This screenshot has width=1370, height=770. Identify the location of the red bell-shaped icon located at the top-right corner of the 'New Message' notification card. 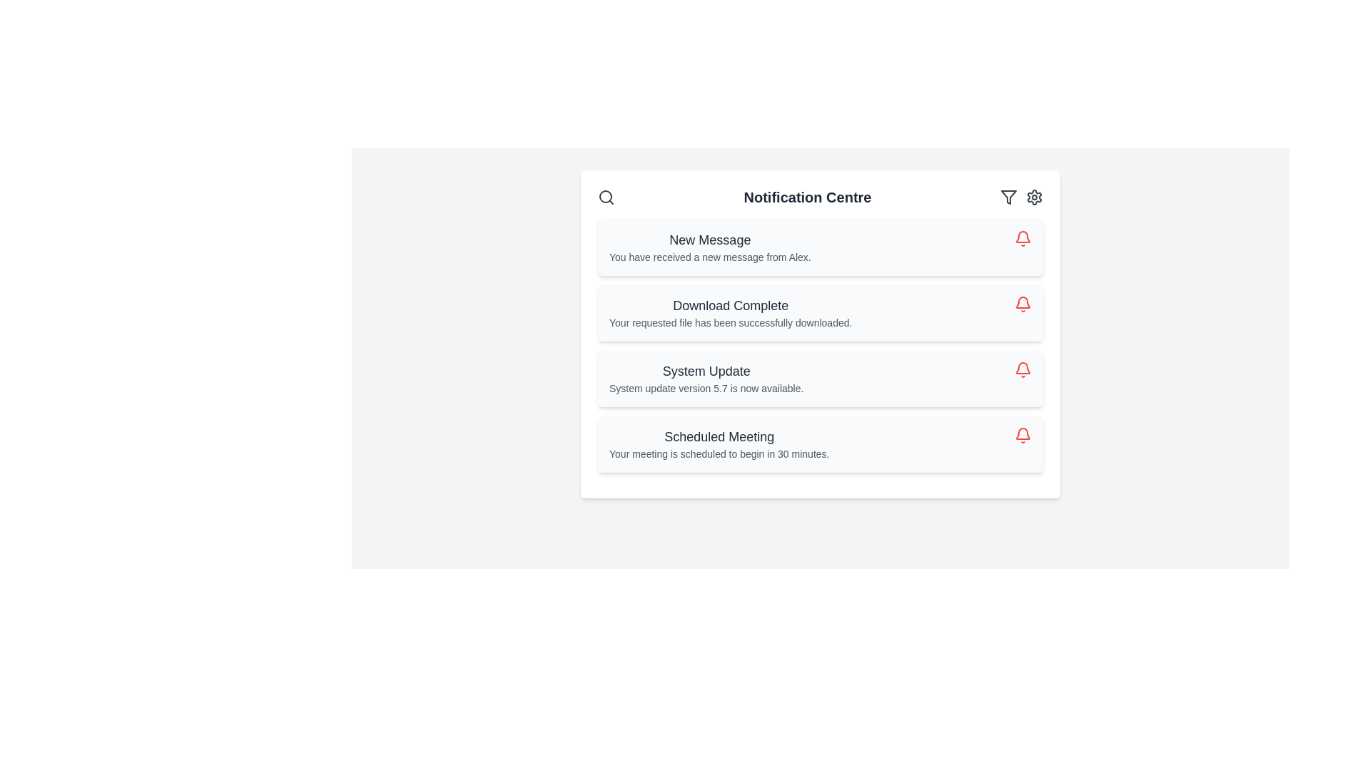
(1023, 238).